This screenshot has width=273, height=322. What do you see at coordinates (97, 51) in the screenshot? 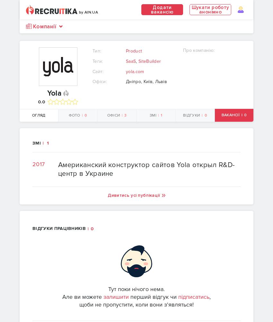
I see `'Тип:'` at bounding box center [97, 51].